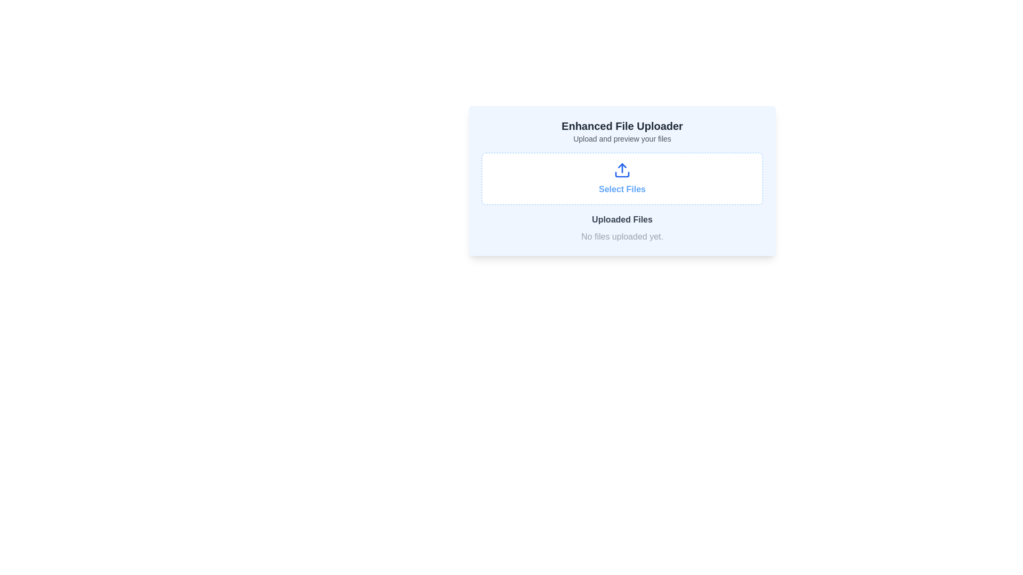 The width and height of the screenshot is (1023, 575). I want to click on the static text label that reads 'Select Files', which is styled with a blue font color and bold typeface, located centrally beneath the upload icon, so click(622, 188).